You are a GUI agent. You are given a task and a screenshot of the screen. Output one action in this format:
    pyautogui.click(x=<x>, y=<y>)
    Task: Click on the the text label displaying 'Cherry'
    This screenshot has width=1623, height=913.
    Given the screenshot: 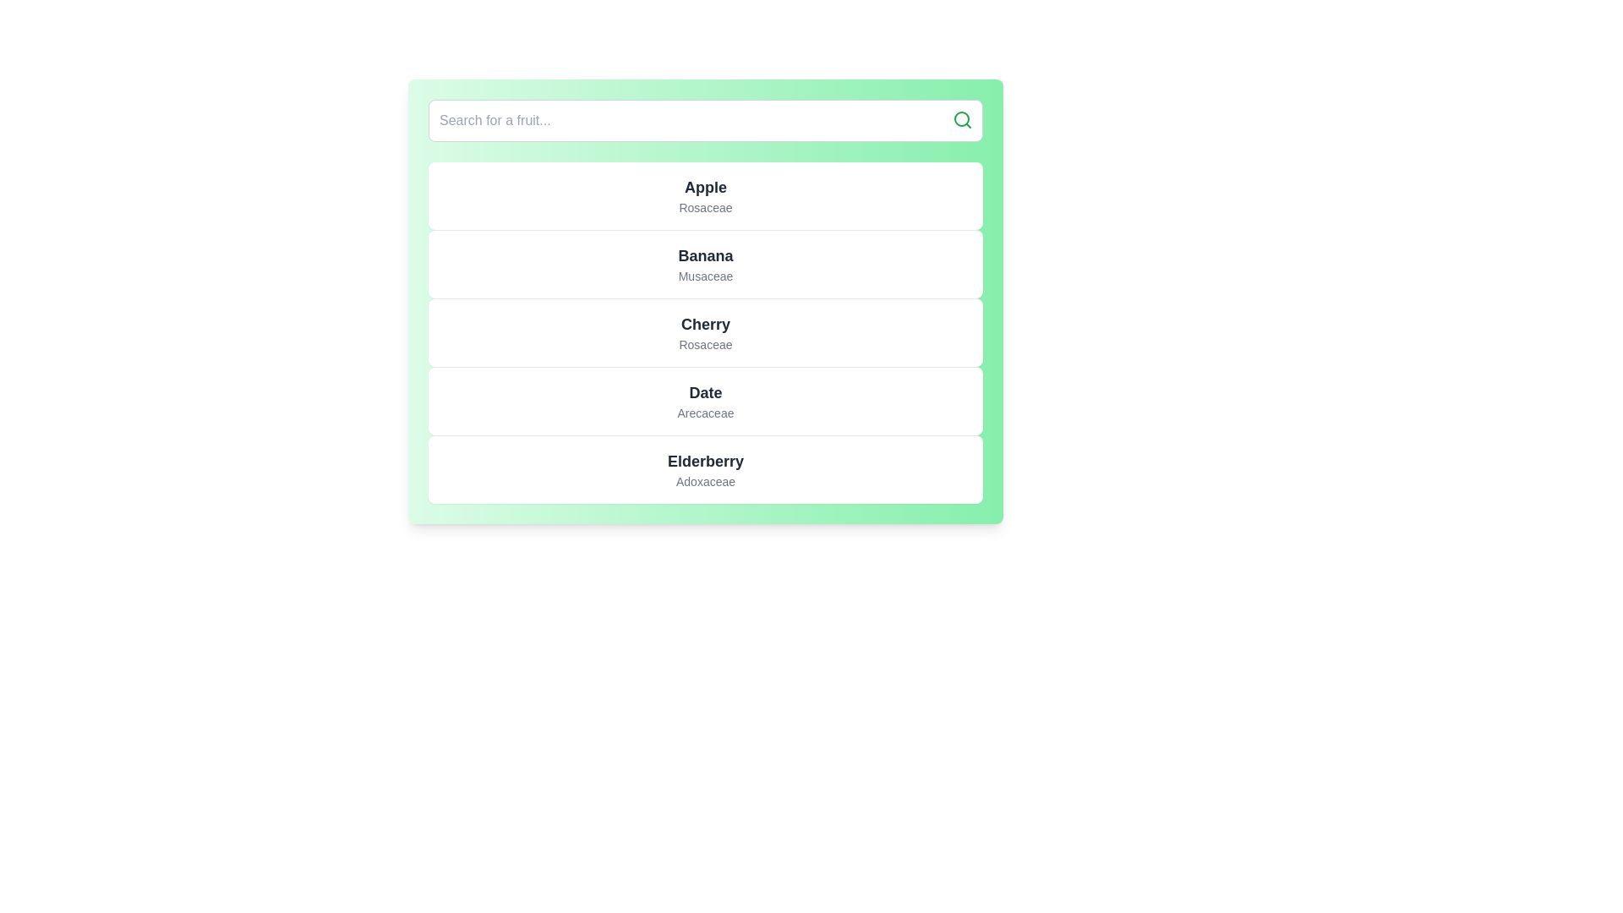 What is the action you would take?
    pyautogui.click(x=706, y=325)
    